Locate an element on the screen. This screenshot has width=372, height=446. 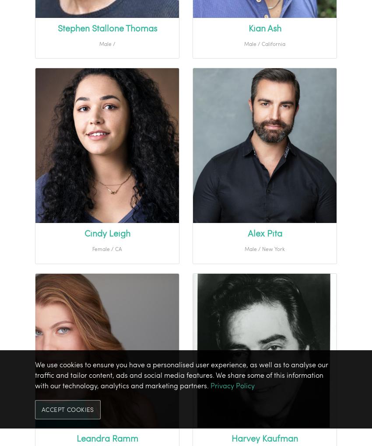
'Cindy Leigh' is located at coordinates (107, 232).